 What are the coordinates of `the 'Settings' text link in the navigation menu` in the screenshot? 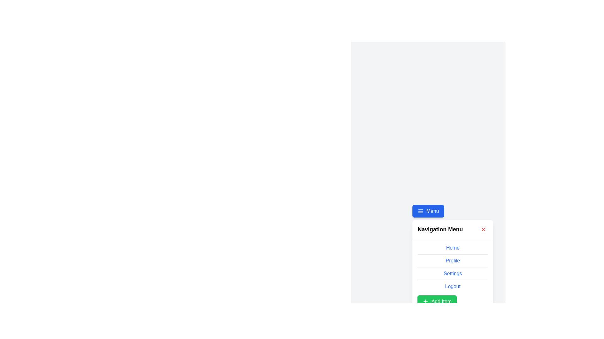 It's located at (452, 275).